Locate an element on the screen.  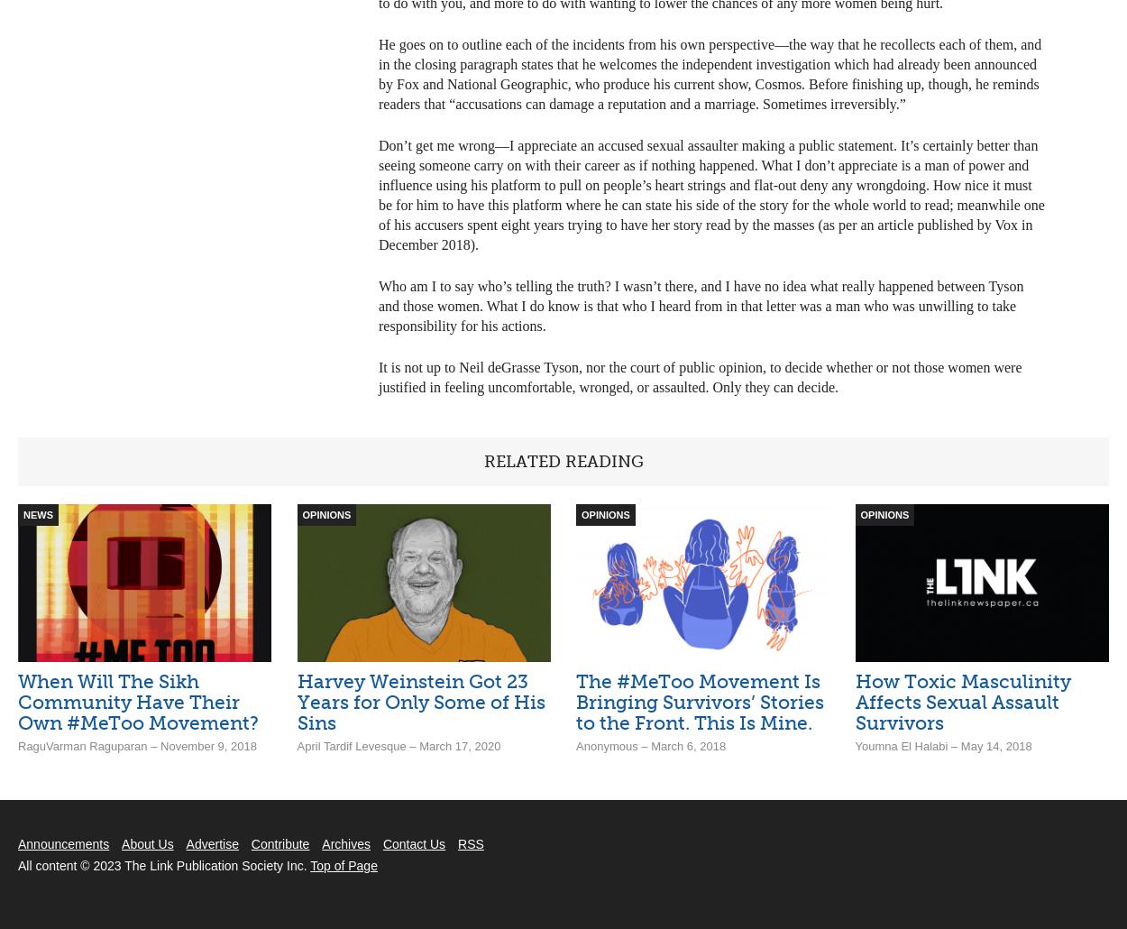
'News' is located at coordinates (38, 514).